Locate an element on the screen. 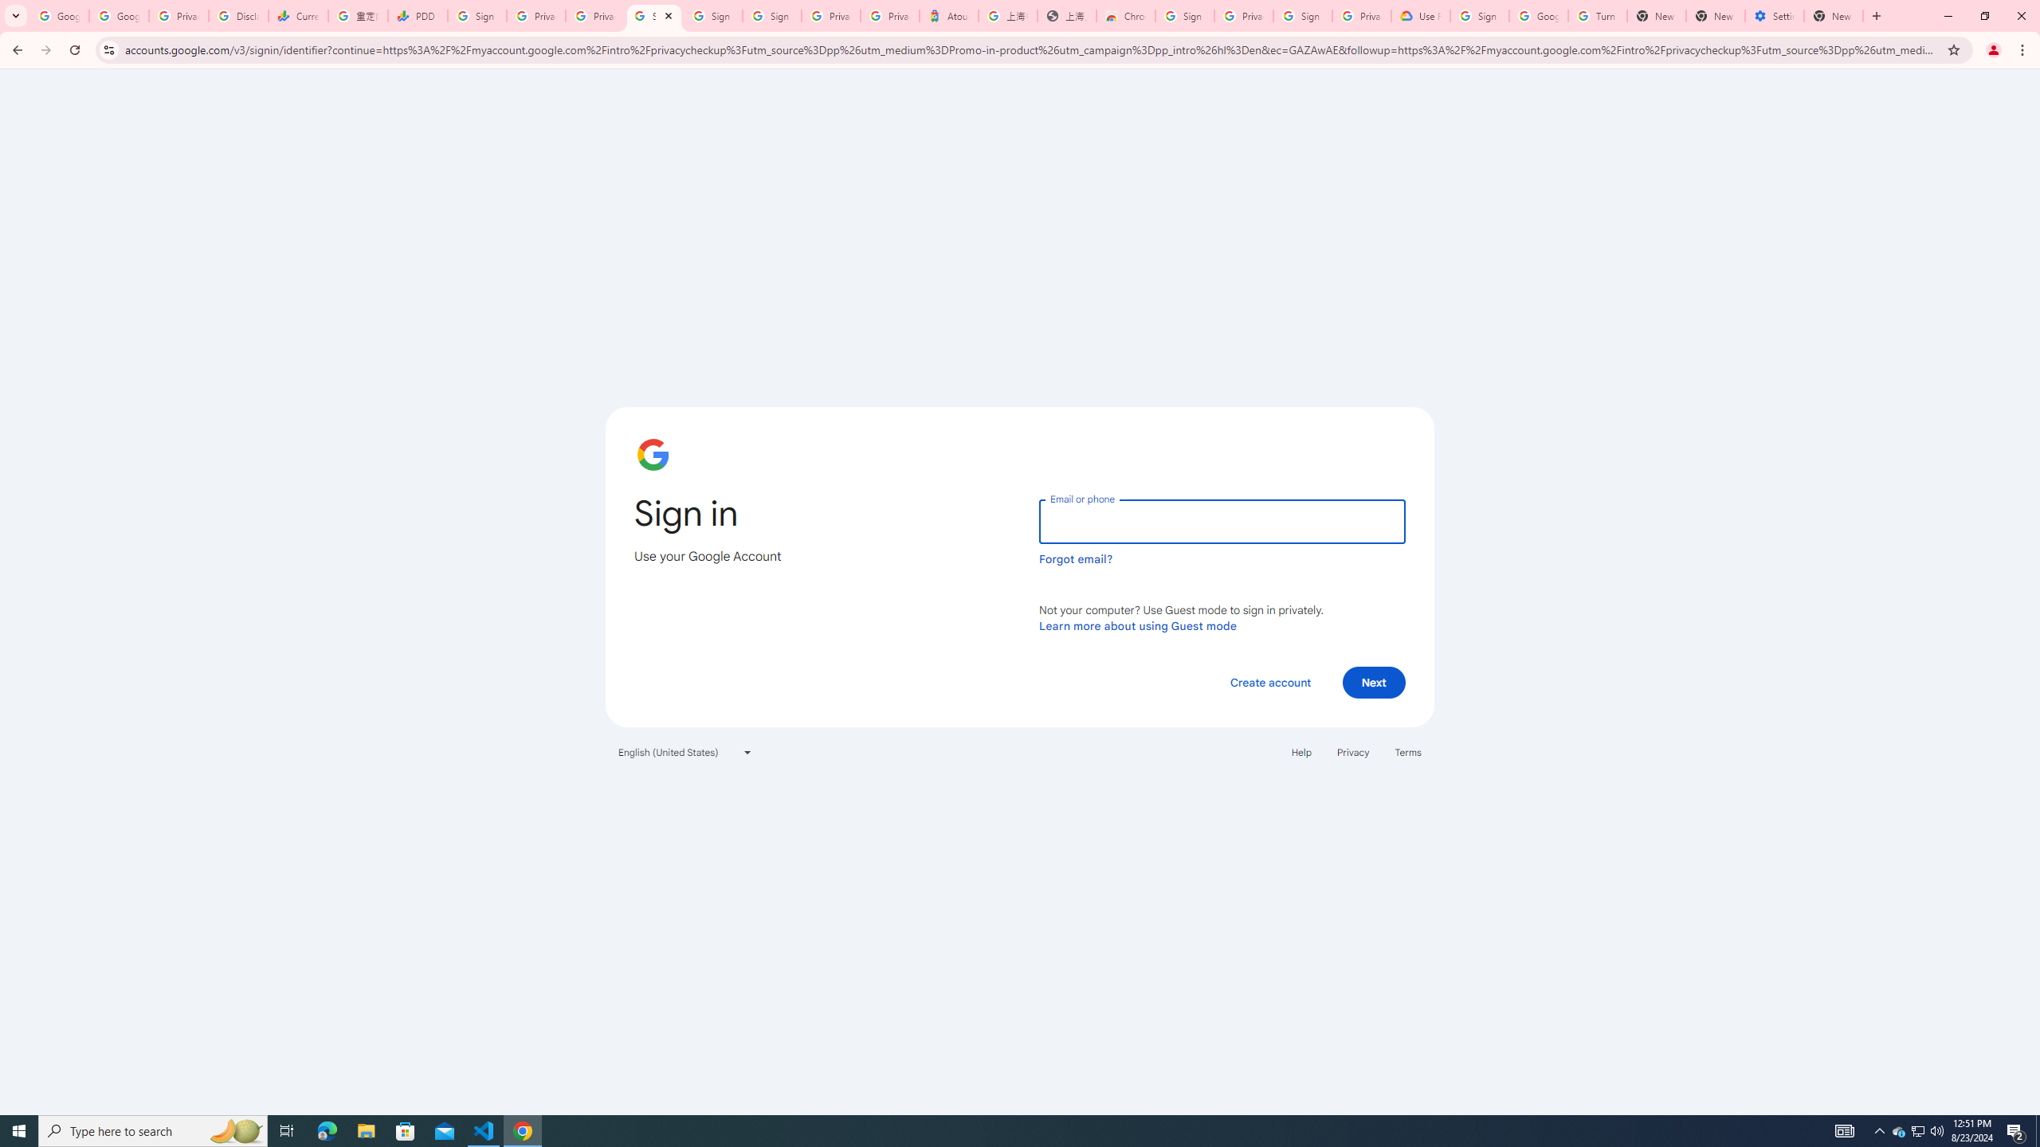  'New Tab' is located at coordinates (1833, 15).